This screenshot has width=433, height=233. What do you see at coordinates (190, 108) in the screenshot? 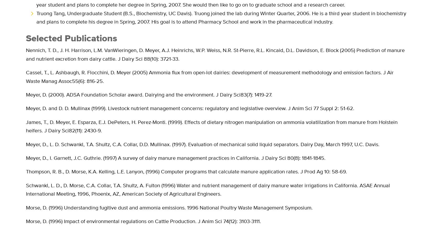
I see `'Meyer, D. and D. D. Mullinax (1999). Livestock nutrient management concerns: regulatory and legislative overview. J Anim Sci 77 Suppl 2: 51-62.'` at bounding box center [190, 108].